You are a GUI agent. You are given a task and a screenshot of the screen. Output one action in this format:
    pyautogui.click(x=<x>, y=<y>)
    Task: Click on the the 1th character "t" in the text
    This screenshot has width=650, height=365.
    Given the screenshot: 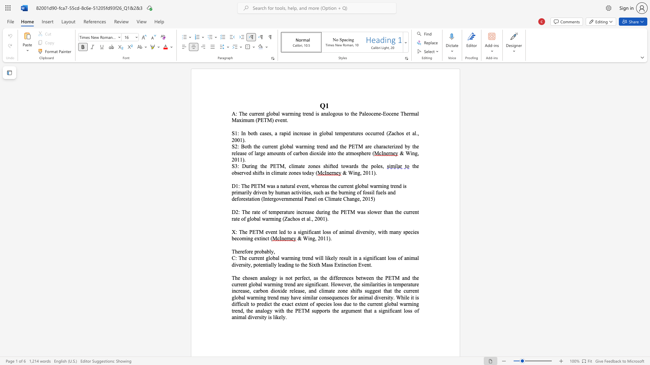 What is the action you would take?
    pyautogui.click(x=282, y=153)
    